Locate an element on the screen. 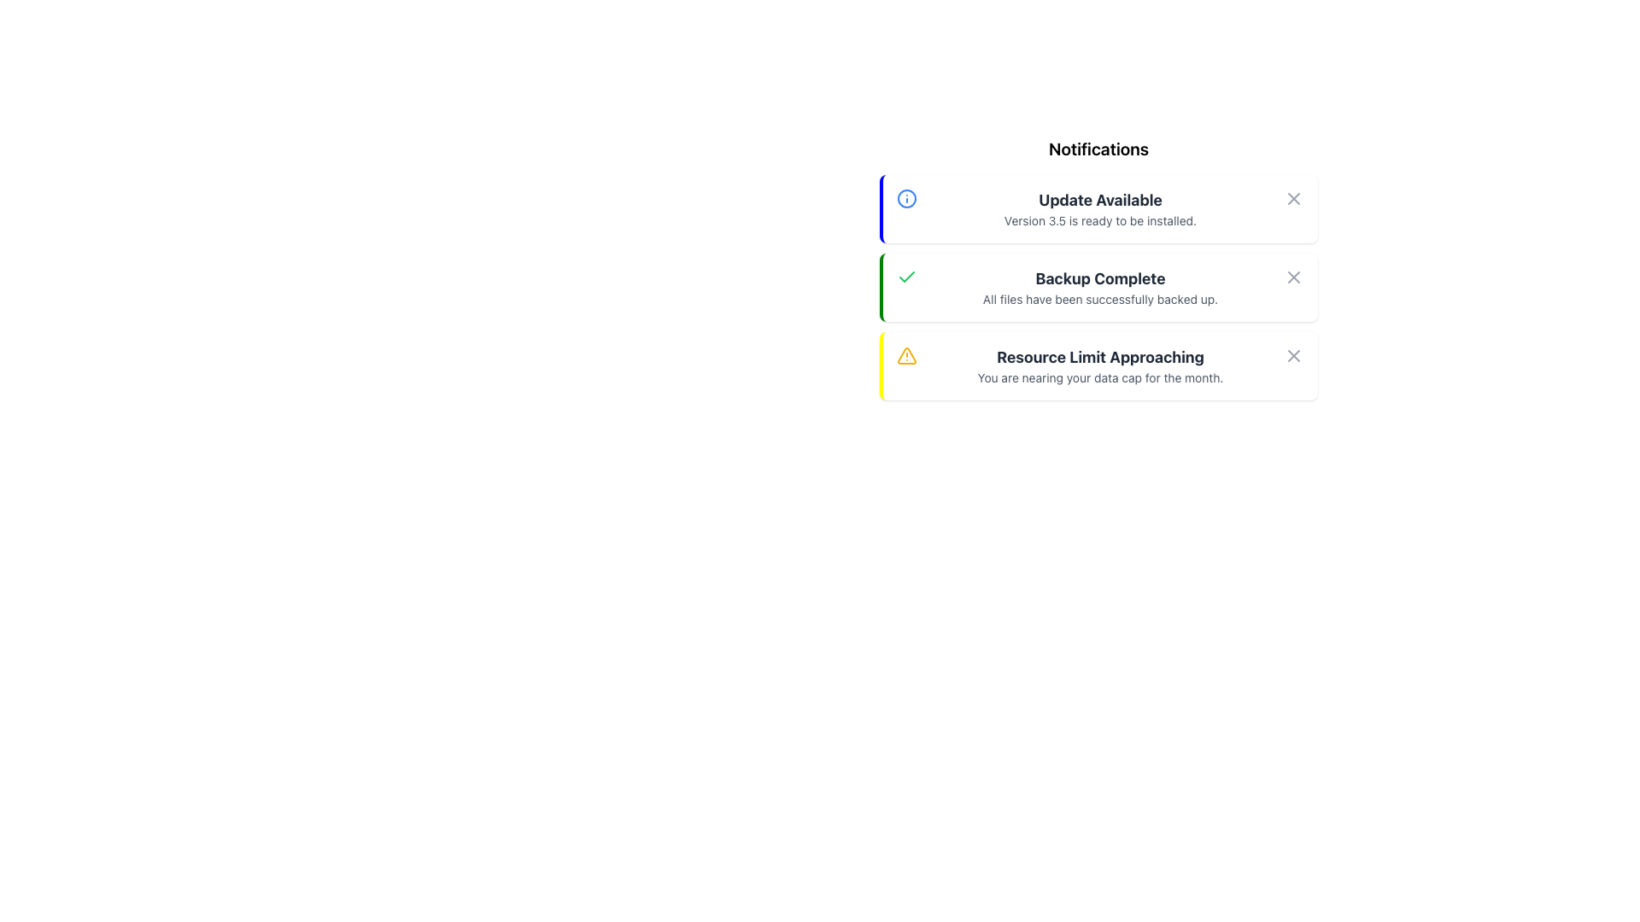 Image resolution: width=1640 pixels, height=922 pixels. the circular icon with a blue outline and a blue dot, located to the left of the text 'Update Available' in the notification box is located at coordinates (905, 197).